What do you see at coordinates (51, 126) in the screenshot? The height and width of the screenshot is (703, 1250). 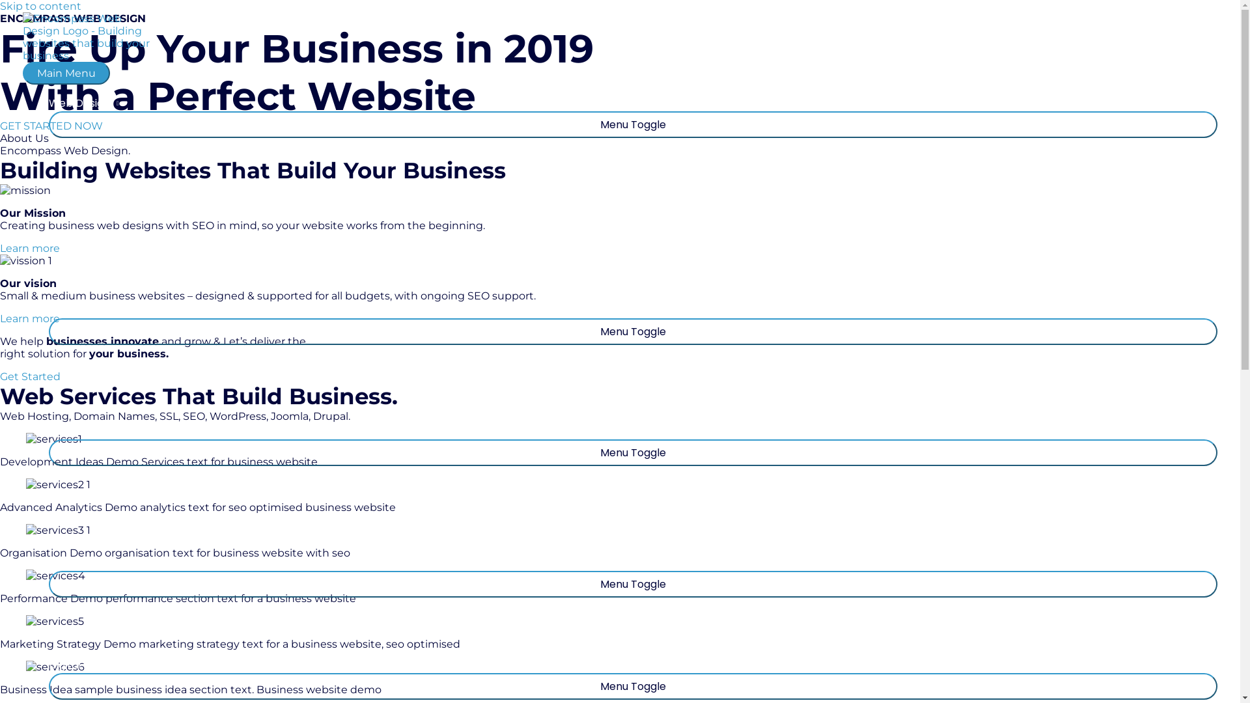 I see `'GET STARTED NOW'` at bounding box center [51, 126].